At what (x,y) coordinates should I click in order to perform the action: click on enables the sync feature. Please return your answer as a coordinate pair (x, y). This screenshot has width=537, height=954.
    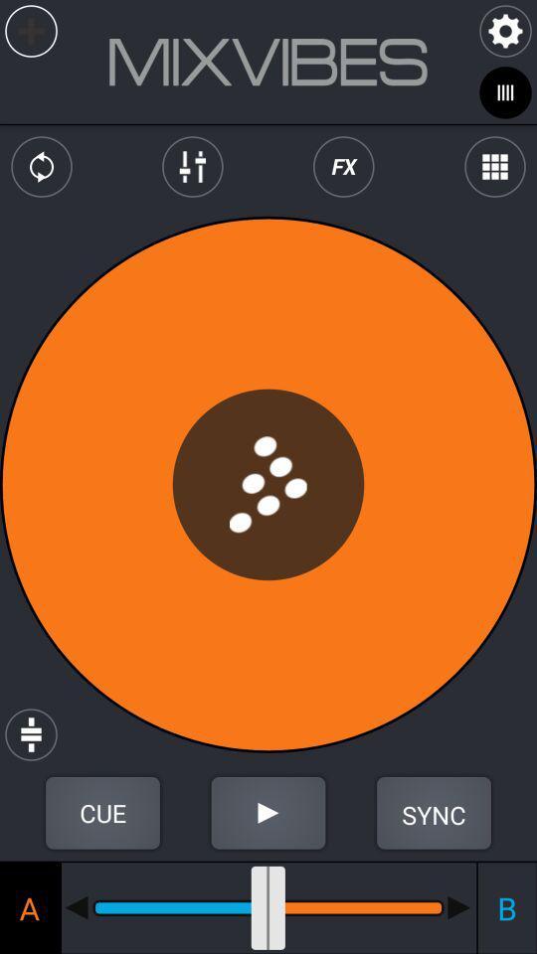
    Looking at the image, I should click on (433, 813).